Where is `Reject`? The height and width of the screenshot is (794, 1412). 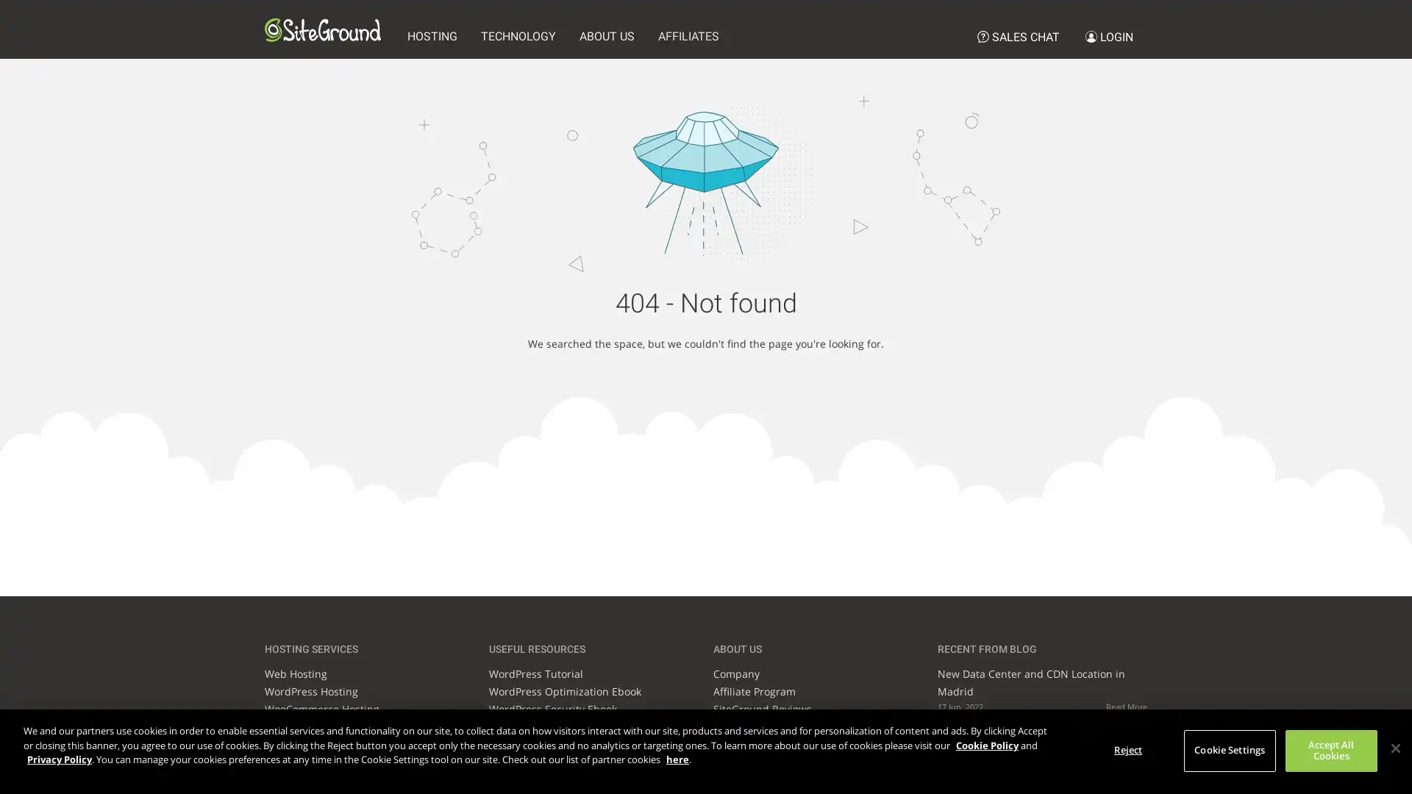
Reject is located at coordinates (1127, 750).